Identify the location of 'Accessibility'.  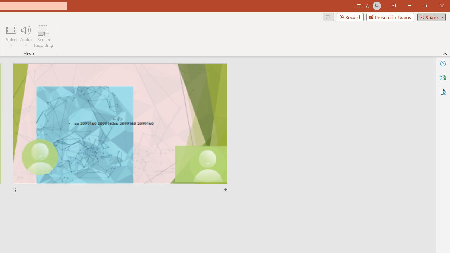
(443, 91).